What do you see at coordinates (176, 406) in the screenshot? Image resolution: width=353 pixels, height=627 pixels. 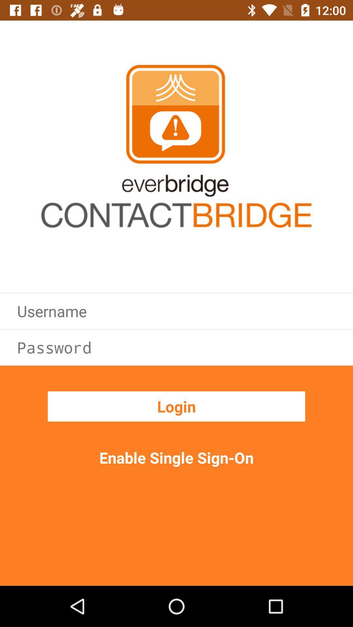 I see `the icon above enable single sign item` at bounding box center [176, 406].